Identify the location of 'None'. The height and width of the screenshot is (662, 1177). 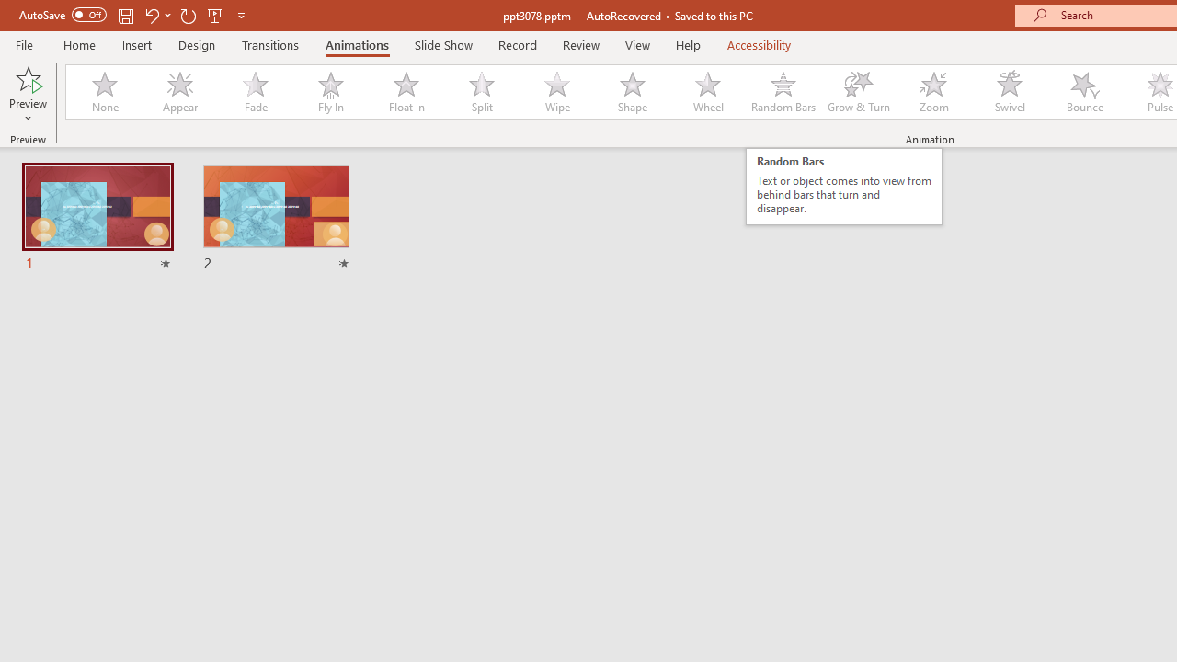
(103, 92).